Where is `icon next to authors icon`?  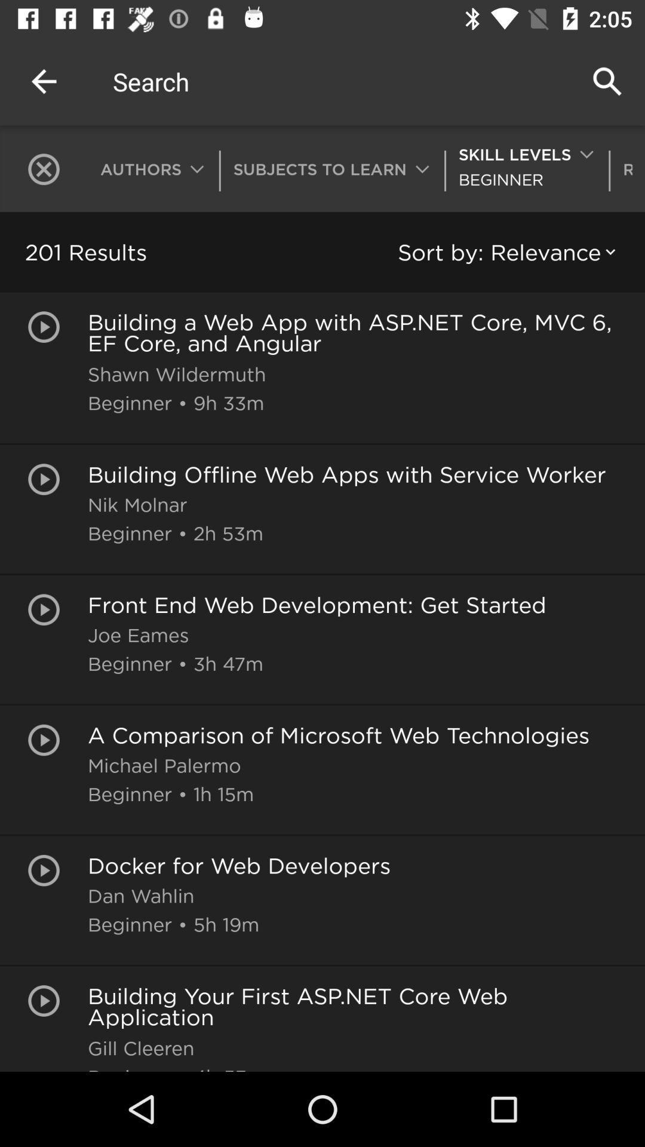
icon next to authors icon is located at coordinates (50, 168).